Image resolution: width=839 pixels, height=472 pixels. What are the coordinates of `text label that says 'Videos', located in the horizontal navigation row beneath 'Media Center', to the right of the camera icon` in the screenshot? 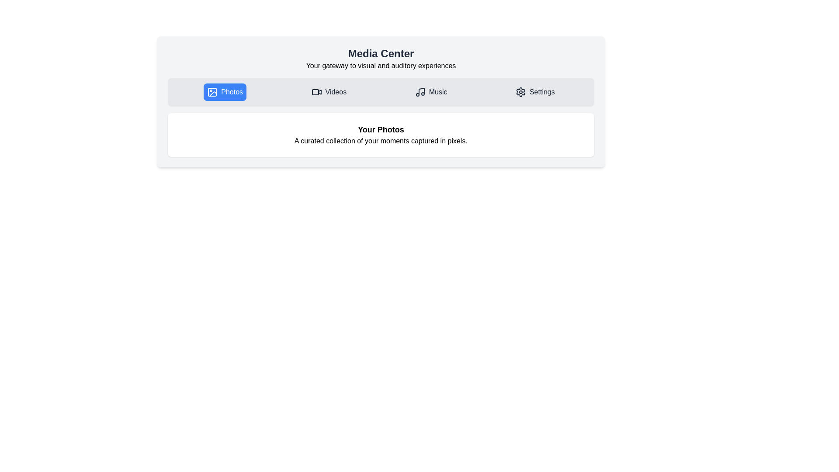 It's located at (335, 92).